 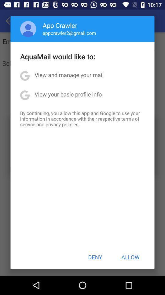 I want to click on item below by continuing you app, so click(x=95, y=257).